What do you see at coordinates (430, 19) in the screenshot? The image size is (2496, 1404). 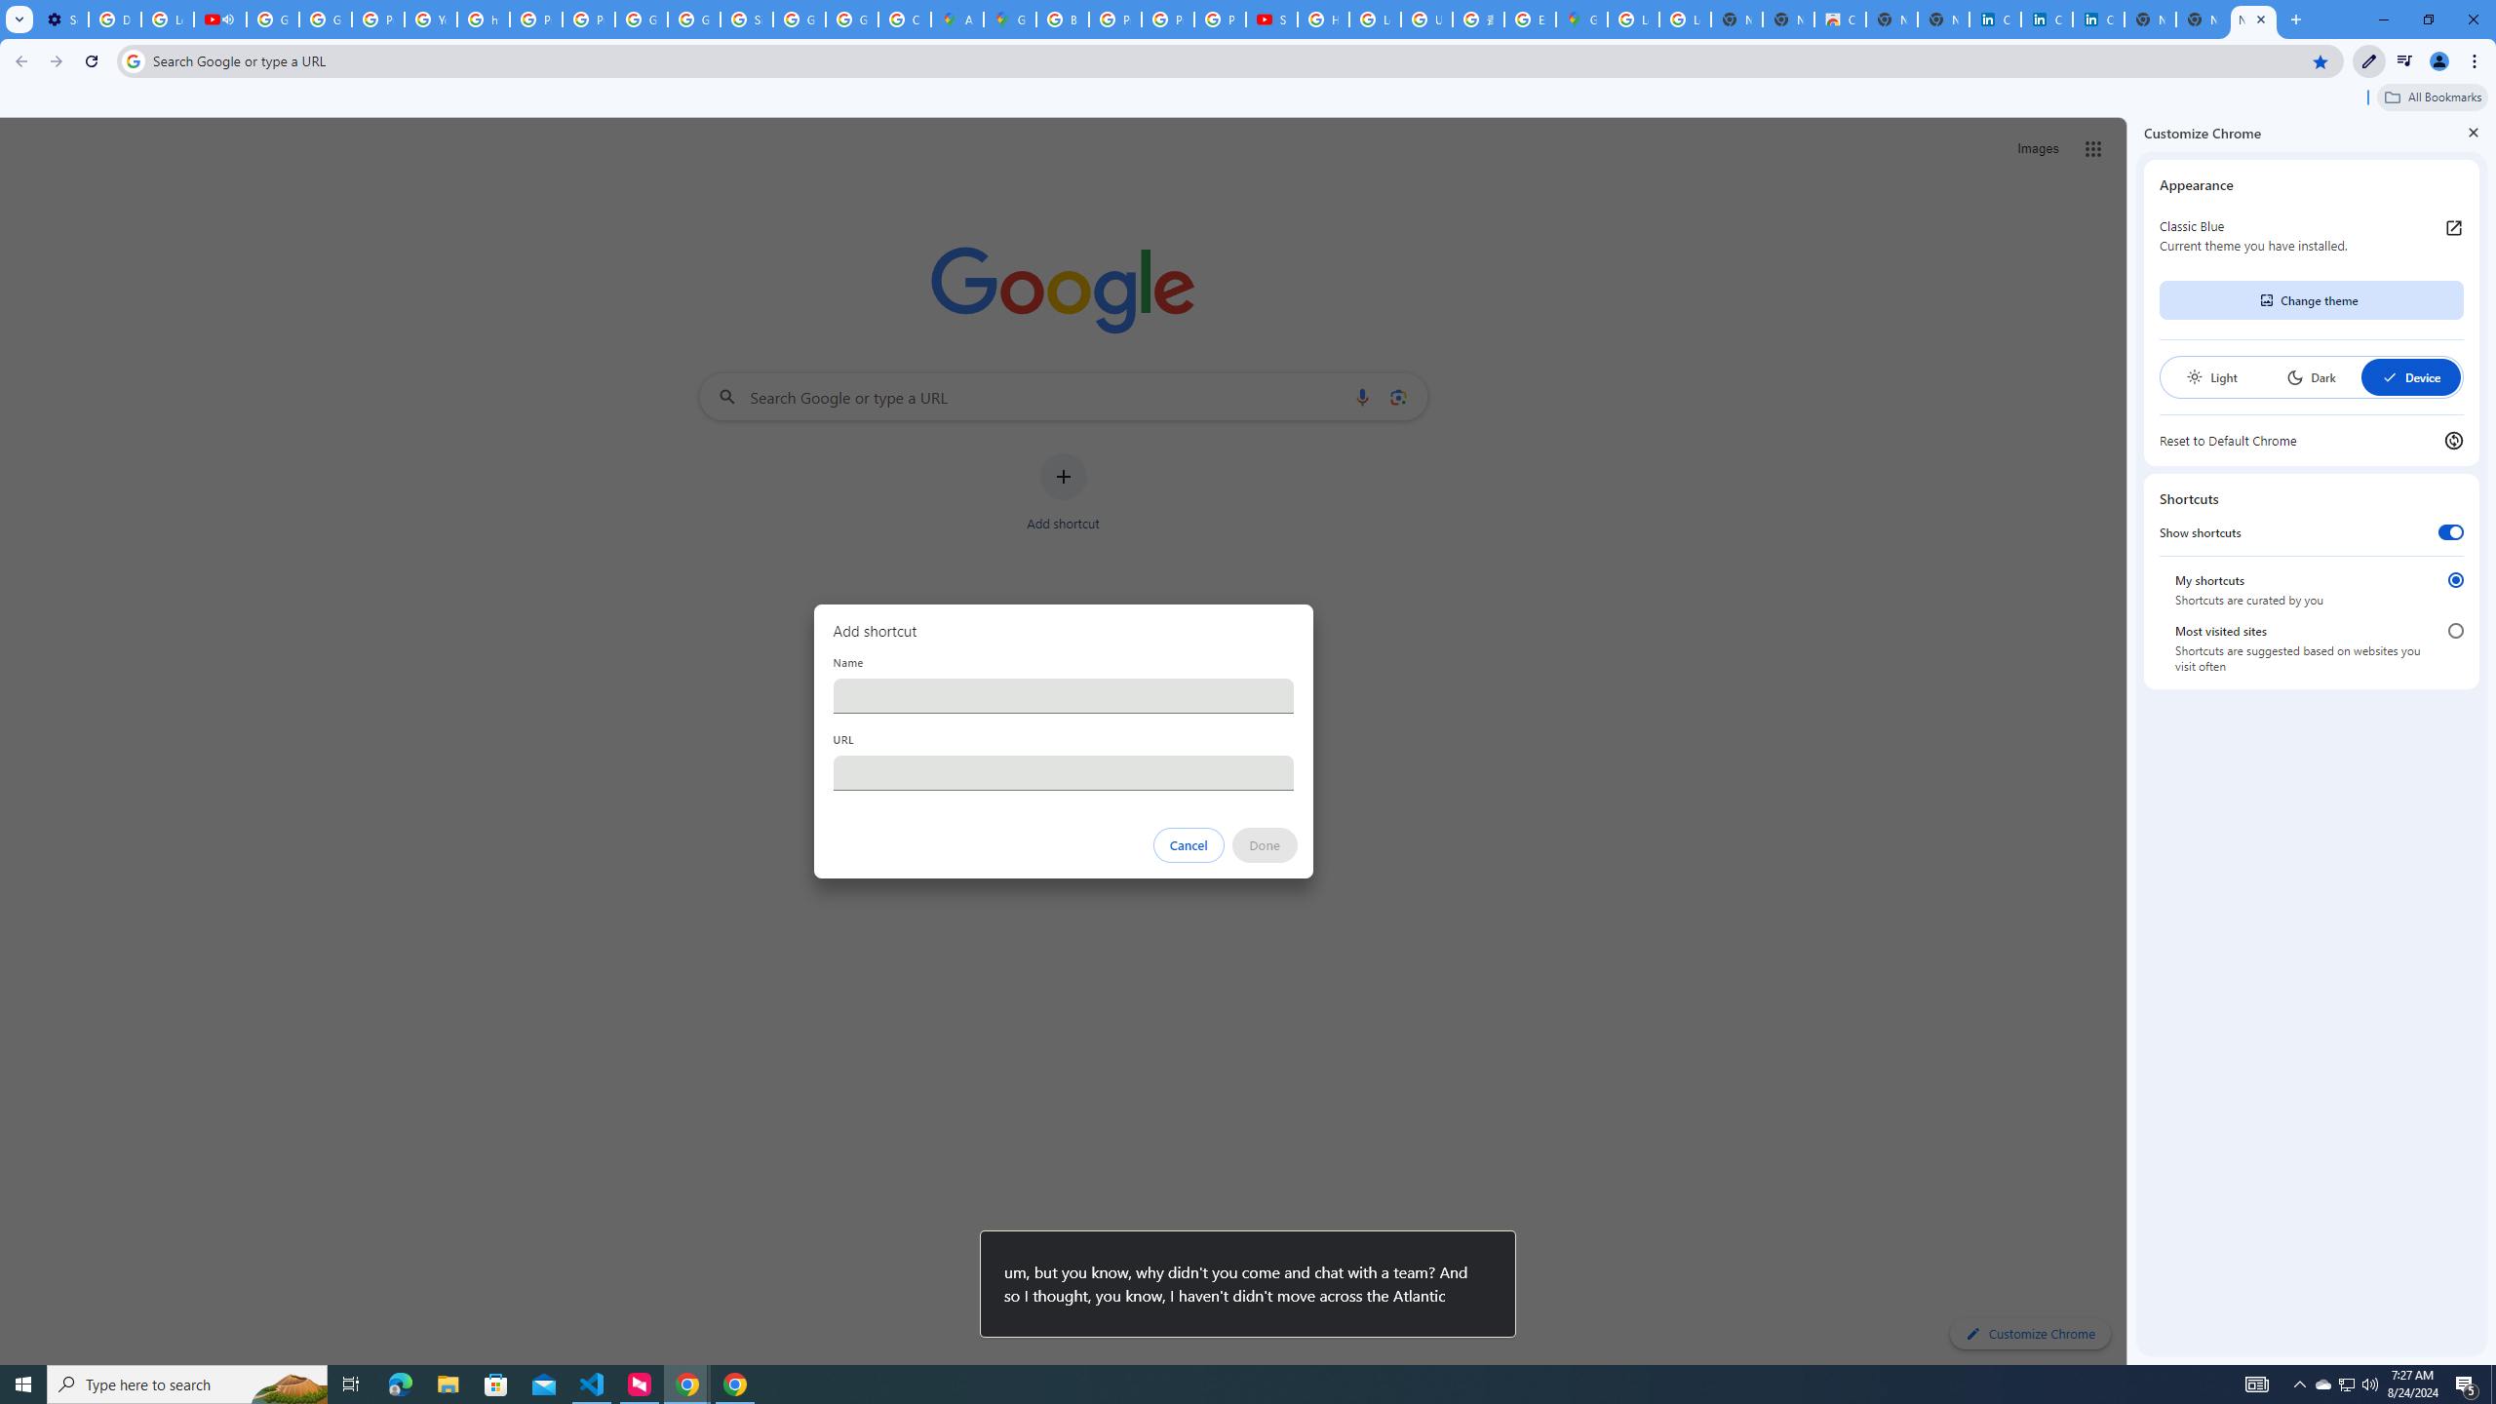 I see `'YouTube'` at bounding box center [430, 19].